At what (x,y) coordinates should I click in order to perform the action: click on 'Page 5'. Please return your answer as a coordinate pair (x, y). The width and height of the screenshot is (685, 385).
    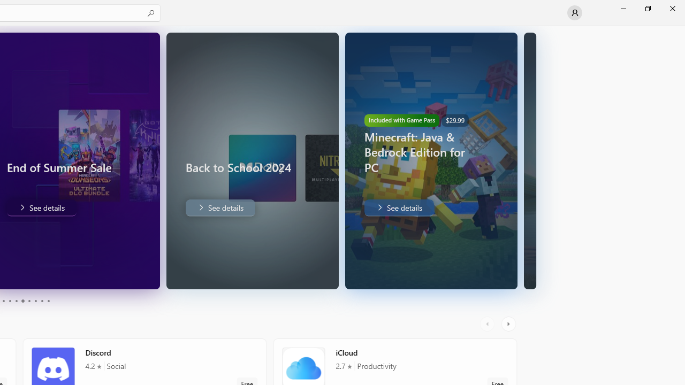
    Looking at the image, I should click on (16, 301).